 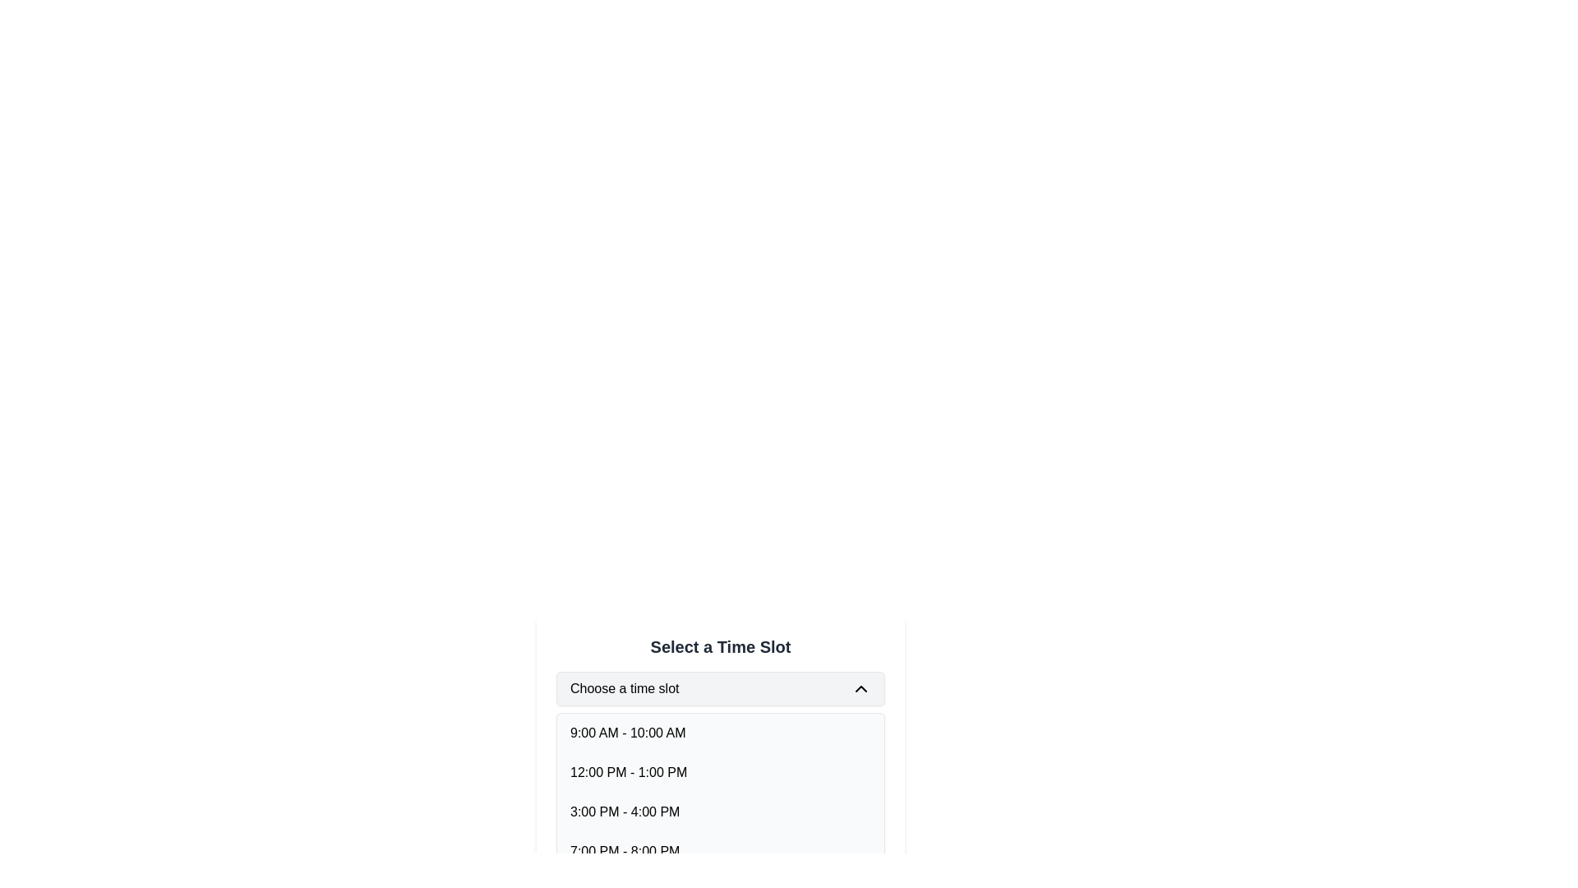 I want to click on the second Text Label indicating a selectable time slot option, which displays the time range and is vertically aligned in the list of time slots, so click(x=628, y=773).